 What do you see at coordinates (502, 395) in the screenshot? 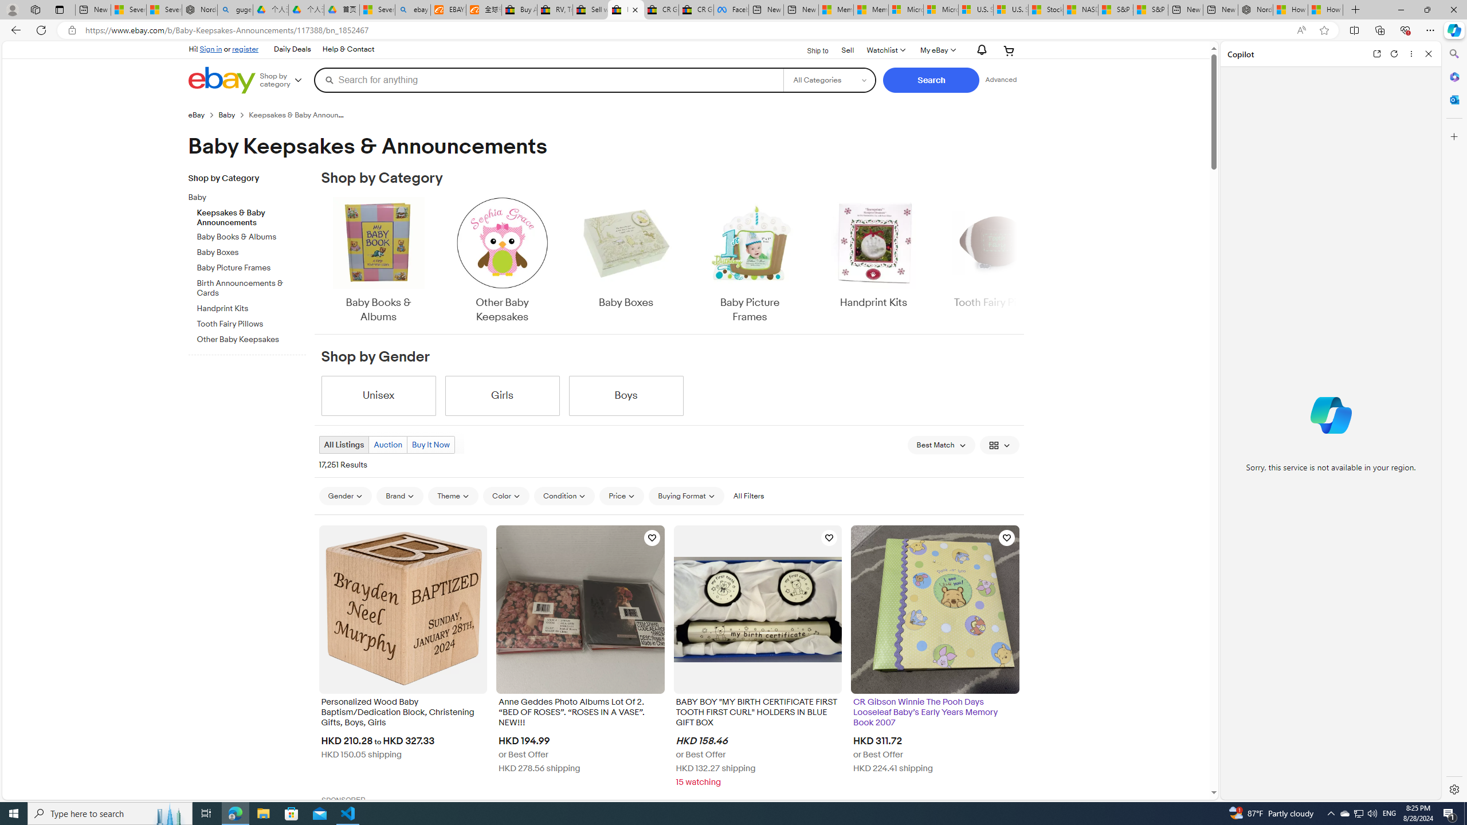
I see `'Girls'` at bounding box center [502, 395].